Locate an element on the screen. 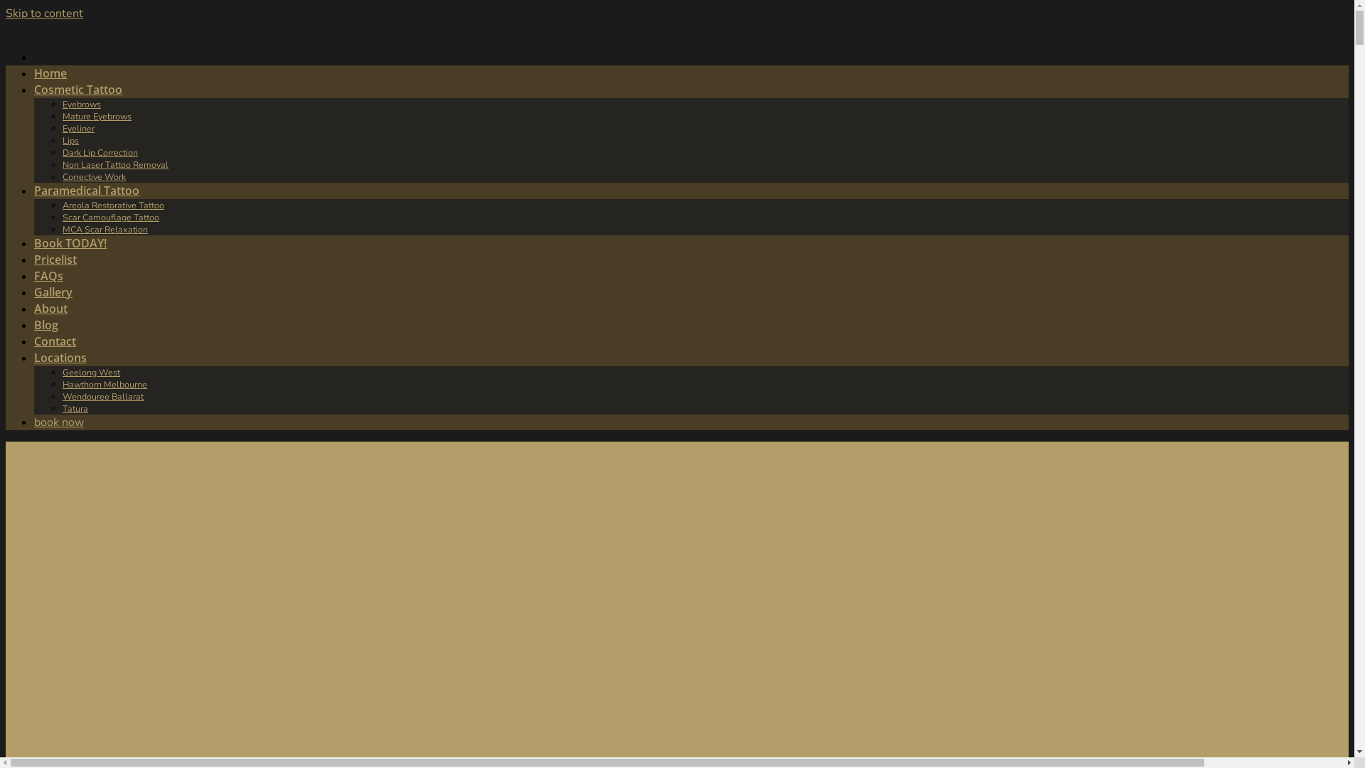 The image size is (1365, 768). 'Hawthorn Melbourne' is located at coordinates (61, 384).